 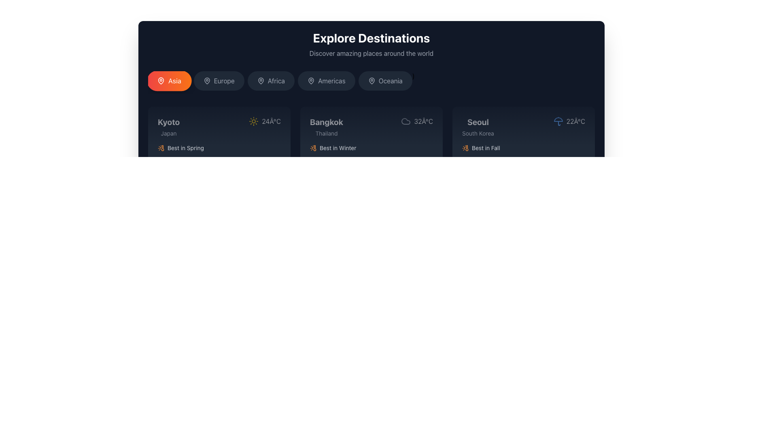 What do you see at coordinates (326, 122) in the screenshot?
I see `the text label displaying 'Bangkok' in bold white font, which is positioned above 'Thailand' within a card-like structure in the middle section of destination recommendations` at bounding box center [326, 122].